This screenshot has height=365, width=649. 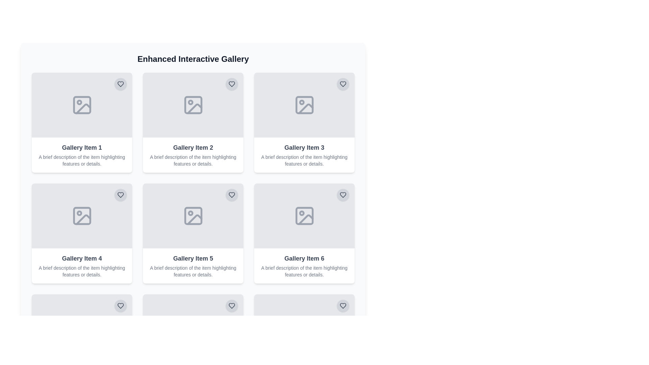 I want to click on the heart SVG icon in the top-right corner of 'Gallery Item 5' to observe visual feedback, so click(x=232, y=195).